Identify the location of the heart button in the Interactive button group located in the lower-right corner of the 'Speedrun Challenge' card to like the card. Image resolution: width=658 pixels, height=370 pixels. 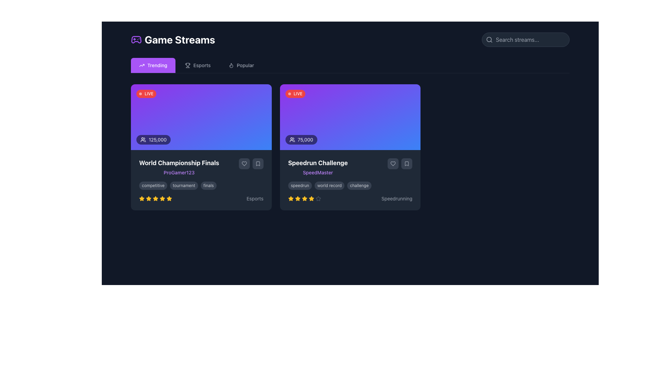
(400, 164).